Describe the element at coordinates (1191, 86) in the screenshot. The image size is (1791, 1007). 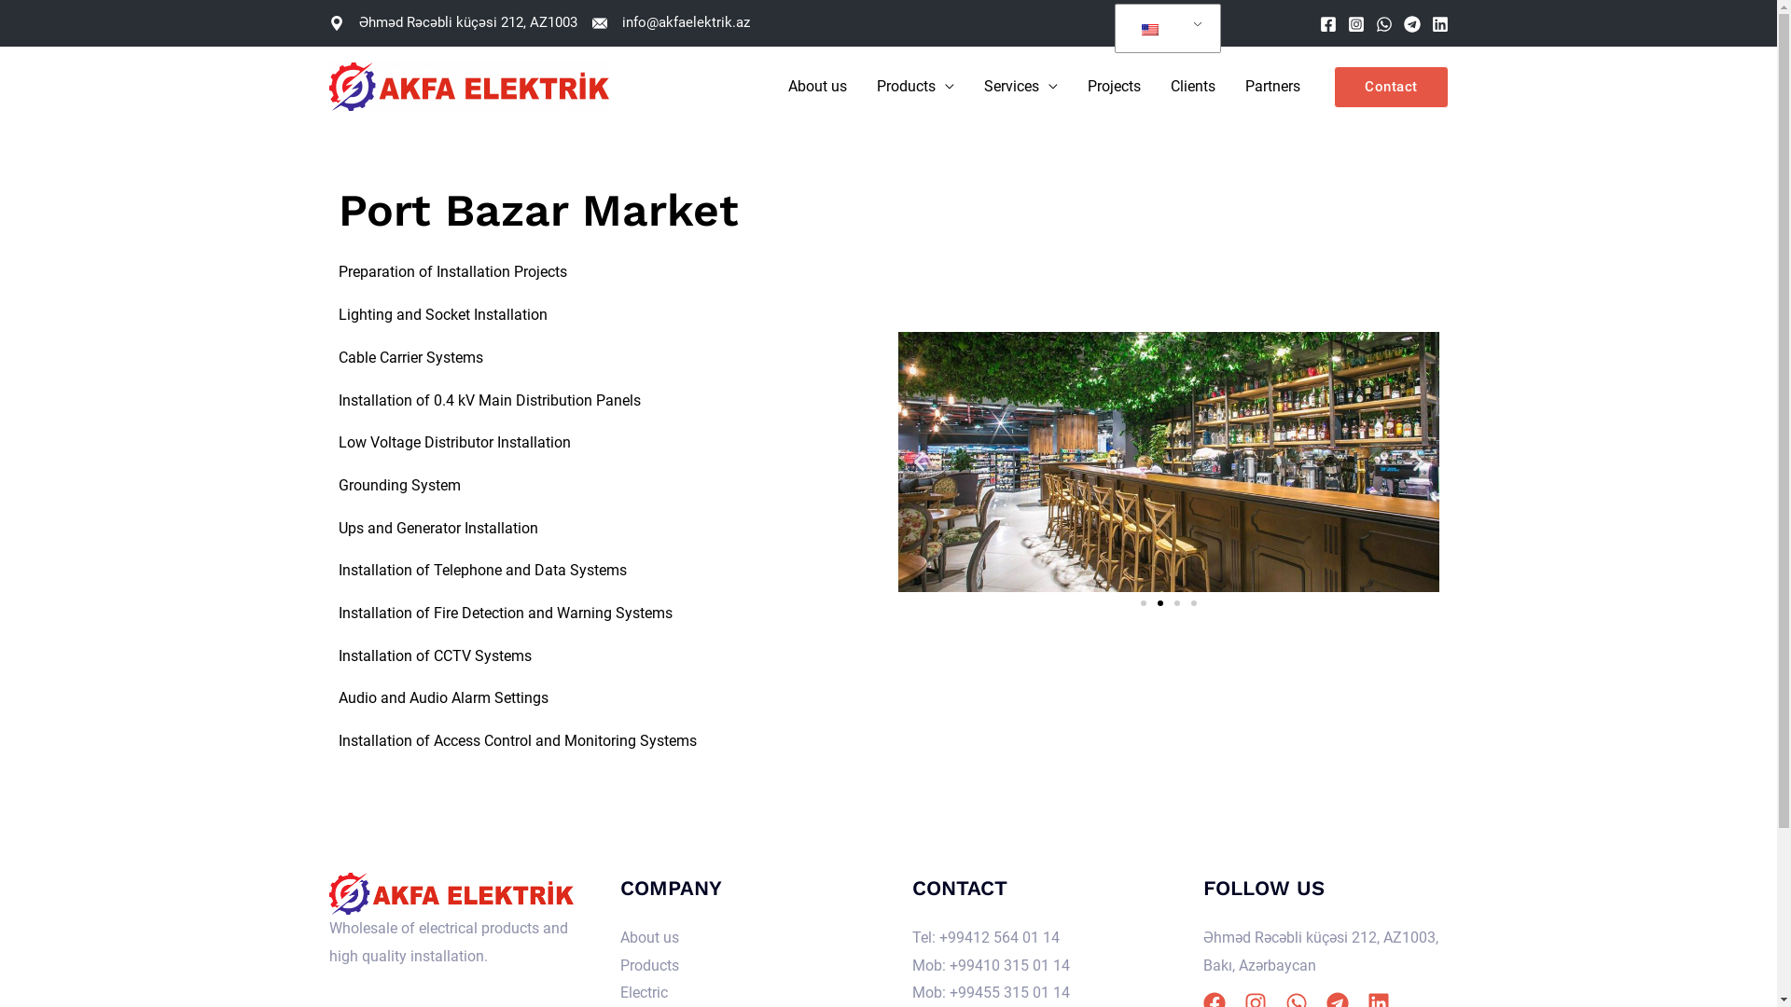
I see `'Clients'` at that location.